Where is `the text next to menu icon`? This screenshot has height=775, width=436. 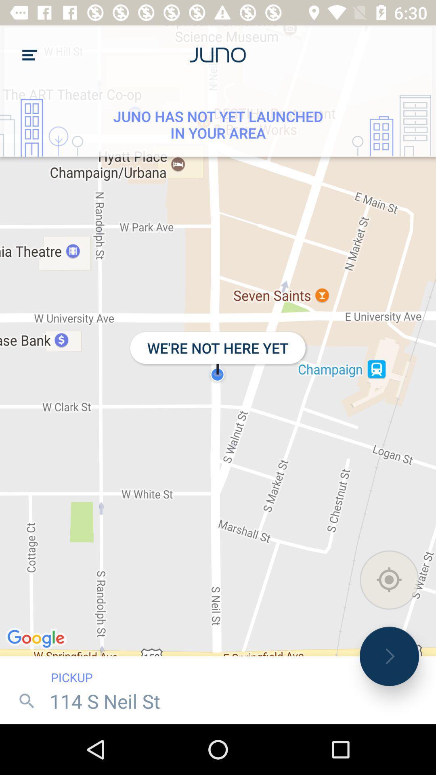 the text next to menu icon is located at coordinates (218, 54).